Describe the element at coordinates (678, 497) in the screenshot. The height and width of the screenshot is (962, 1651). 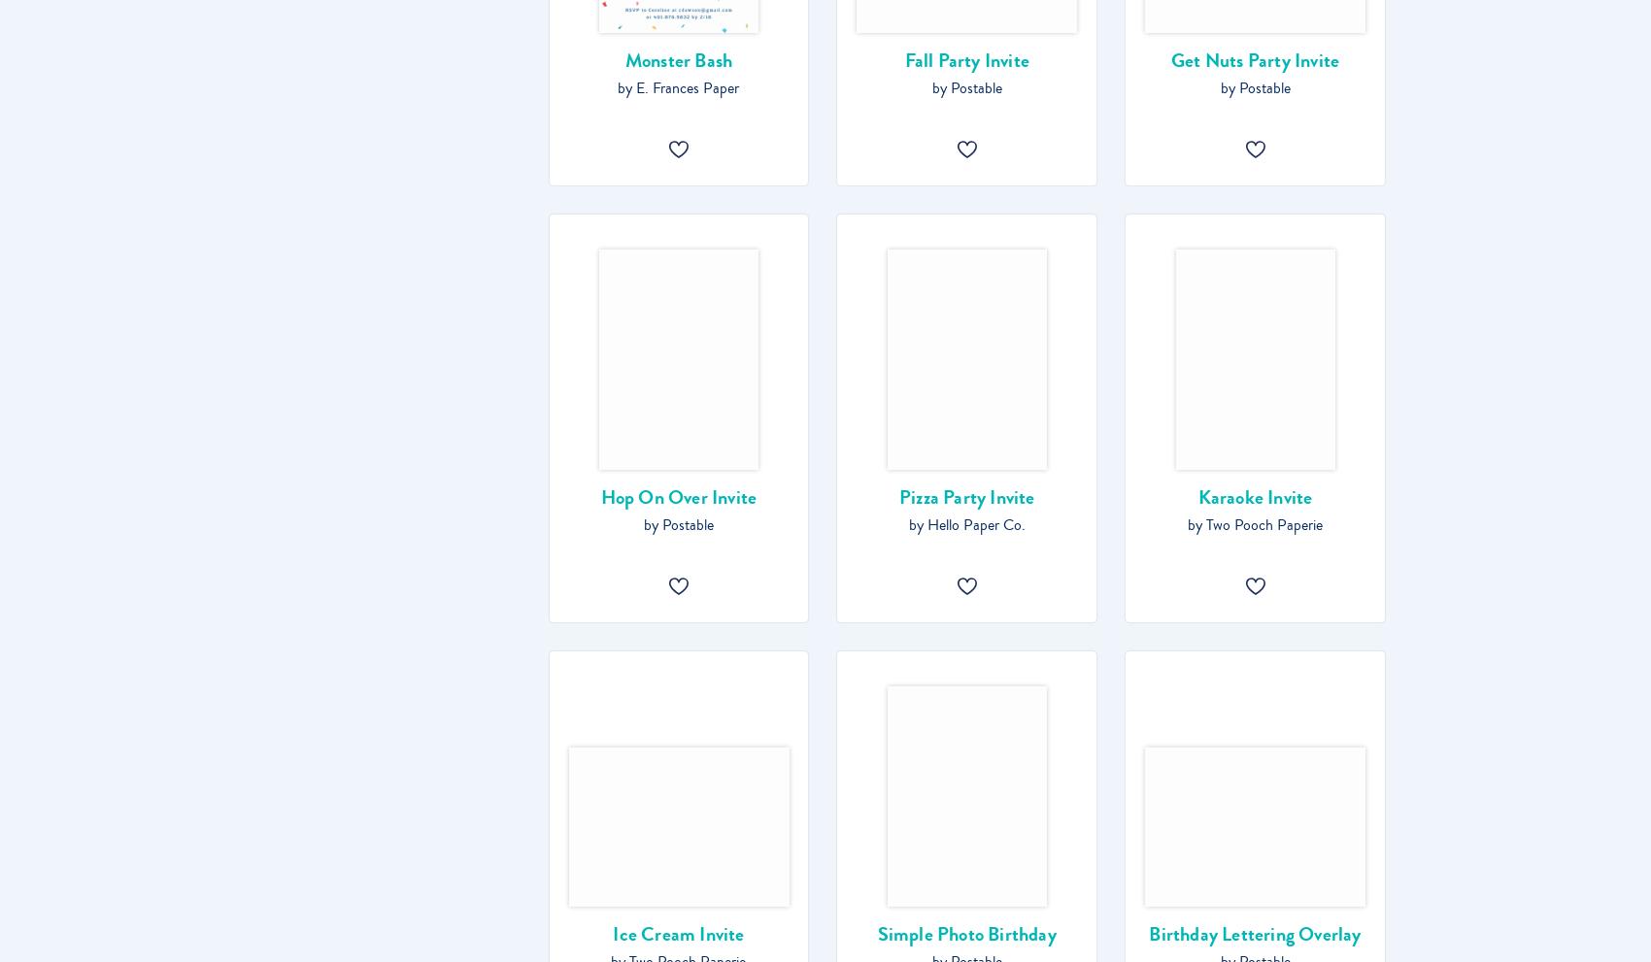
I see `'Hop On Over Invite'` at that location.